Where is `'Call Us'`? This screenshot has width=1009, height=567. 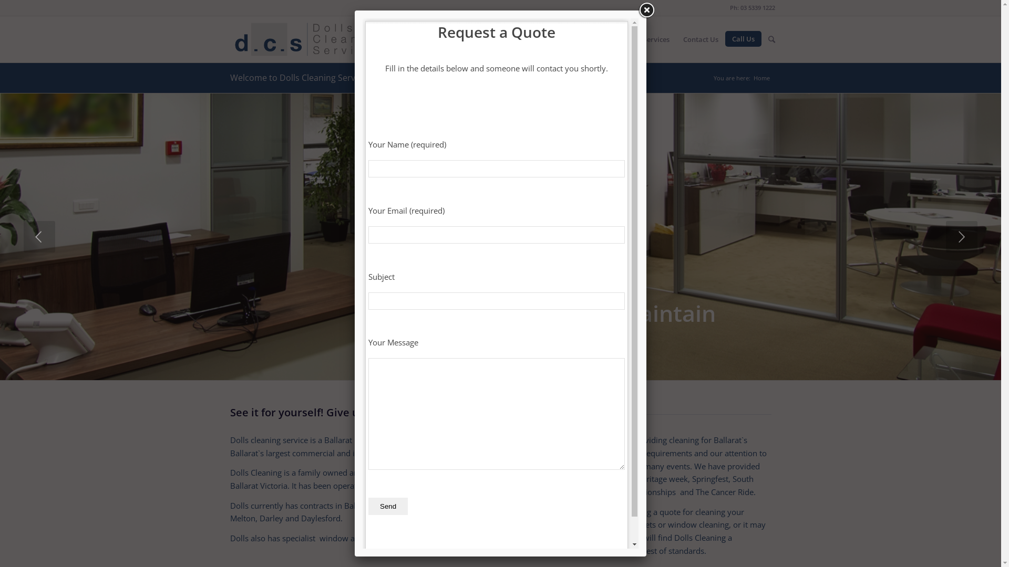
'Call Us' is located at coordinates (725, 38).